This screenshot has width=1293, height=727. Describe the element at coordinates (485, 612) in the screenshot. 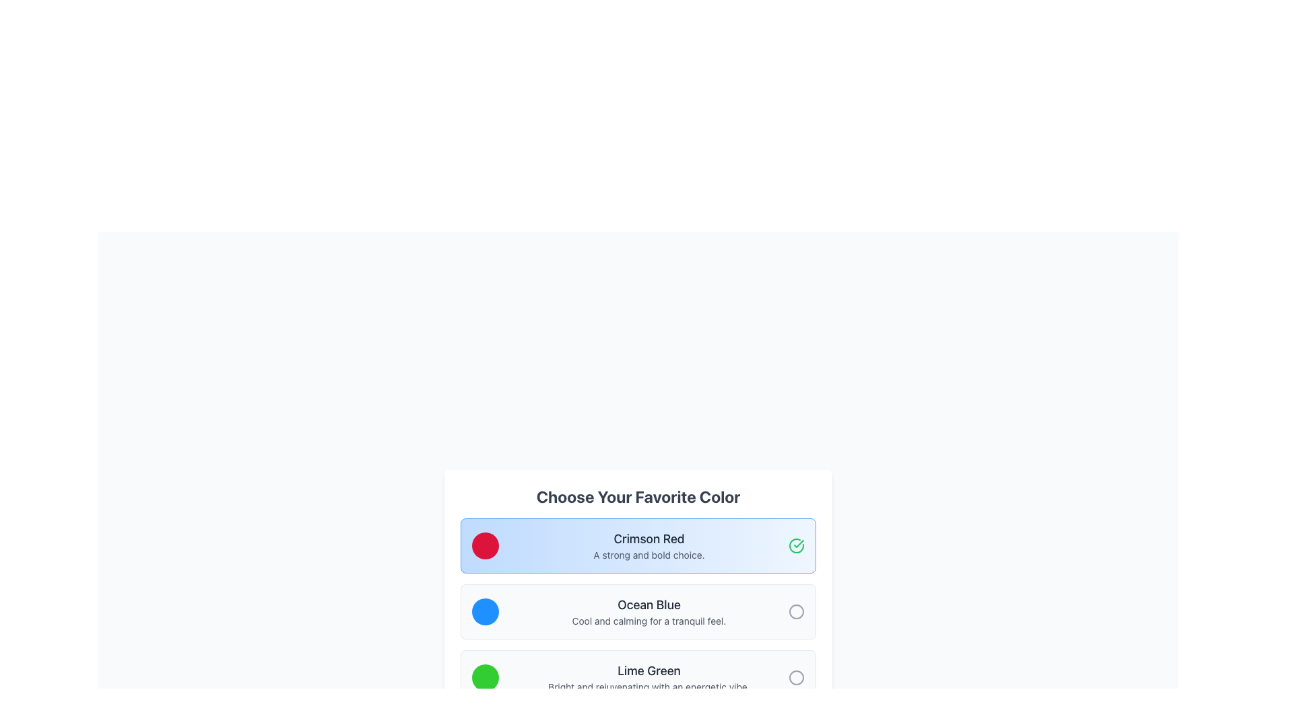

I see `the color of the circular Color indicator with a bright blue fill, located in the second row under the title 'Ocean Blue'` at that location.